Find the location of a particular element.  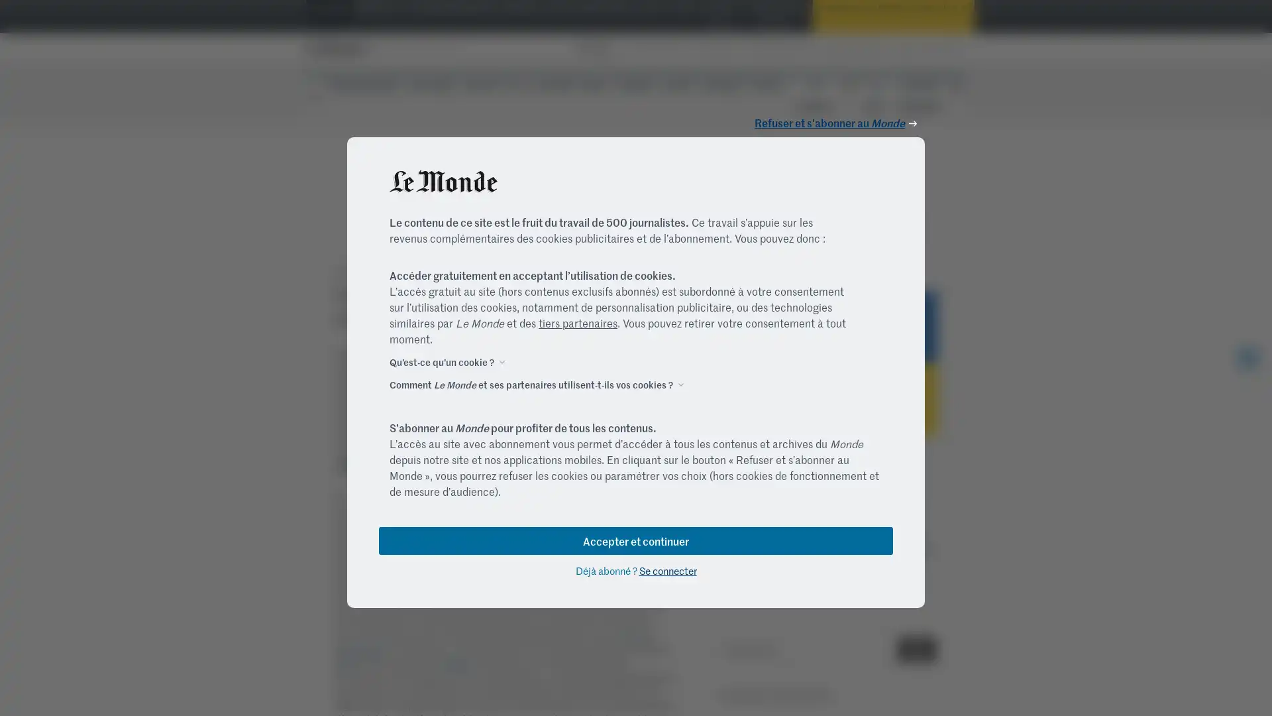

Quest-ce quun cookie ? is located at coordinates (442, 361).